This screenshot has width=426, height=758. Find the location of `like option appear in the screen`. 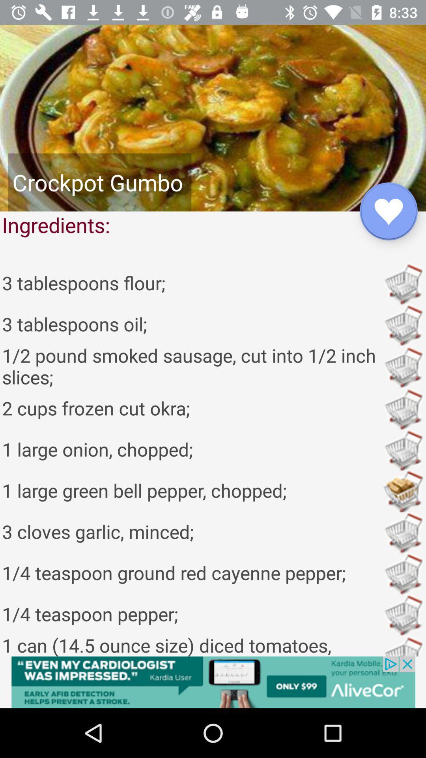

like option appear in the screen is located at coordinates (388, 211).